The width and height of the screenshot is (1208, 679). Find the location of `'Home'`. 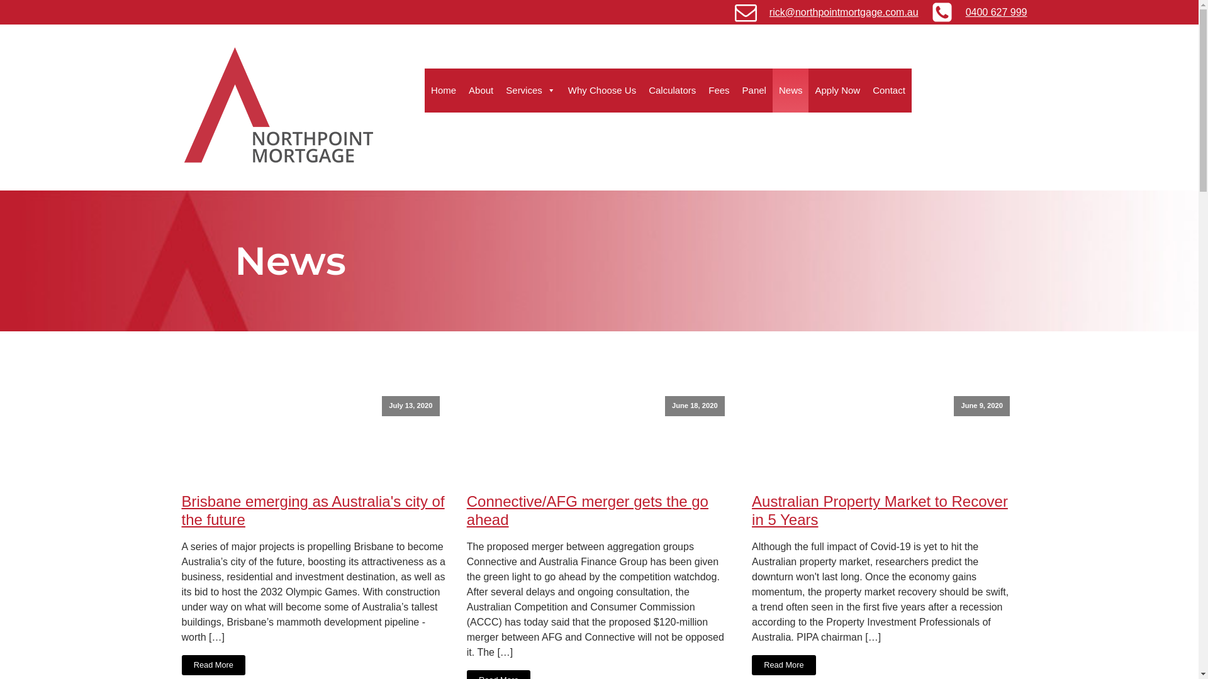

'Home' is located at coordinates (444, 89).